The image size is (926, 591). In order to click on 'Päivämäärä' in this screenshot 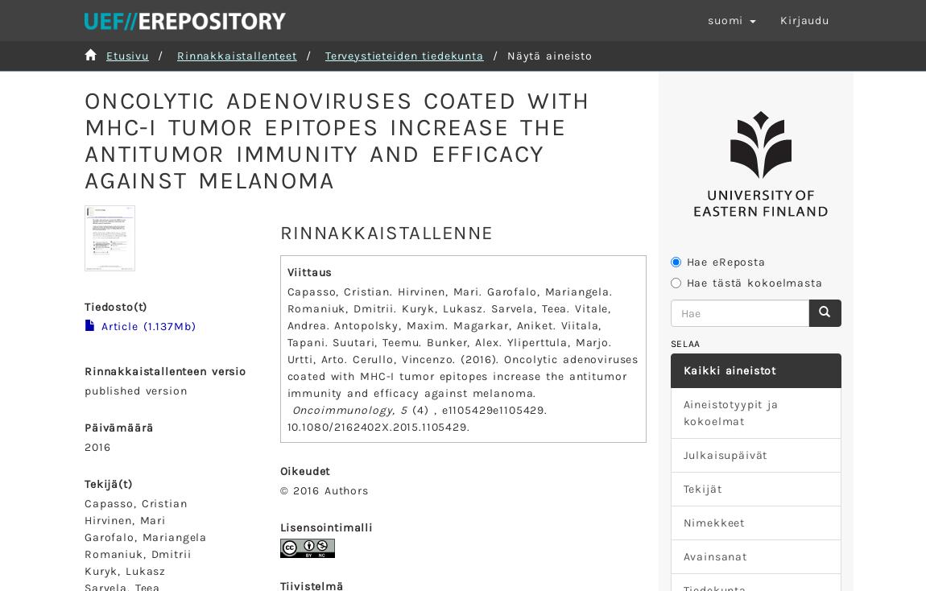, I will do `click(118, 427)`.